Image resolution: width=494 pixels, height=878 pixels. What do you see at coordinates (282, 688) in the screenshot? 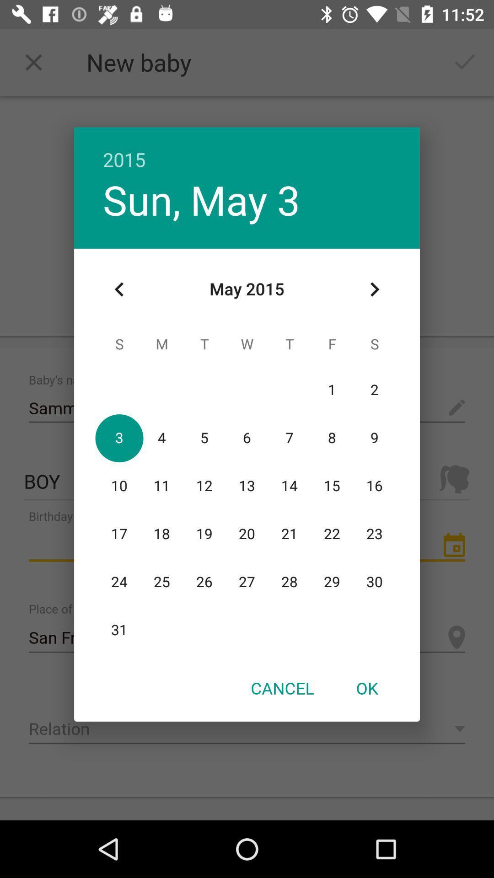
I see `the icon to the left of the ok icon` at bounding box center [282, 688].